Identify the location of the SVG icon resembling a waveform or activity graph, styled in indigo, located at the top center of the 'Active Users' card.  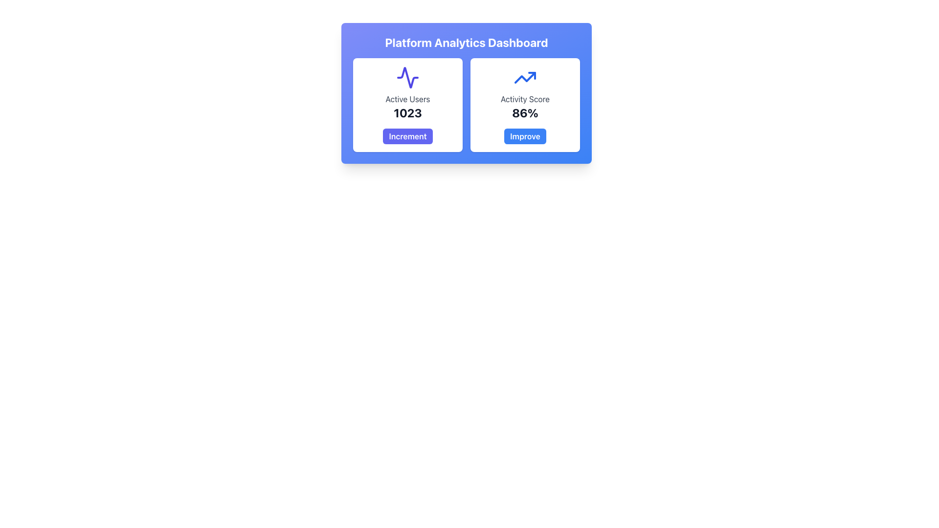
(408, 77).